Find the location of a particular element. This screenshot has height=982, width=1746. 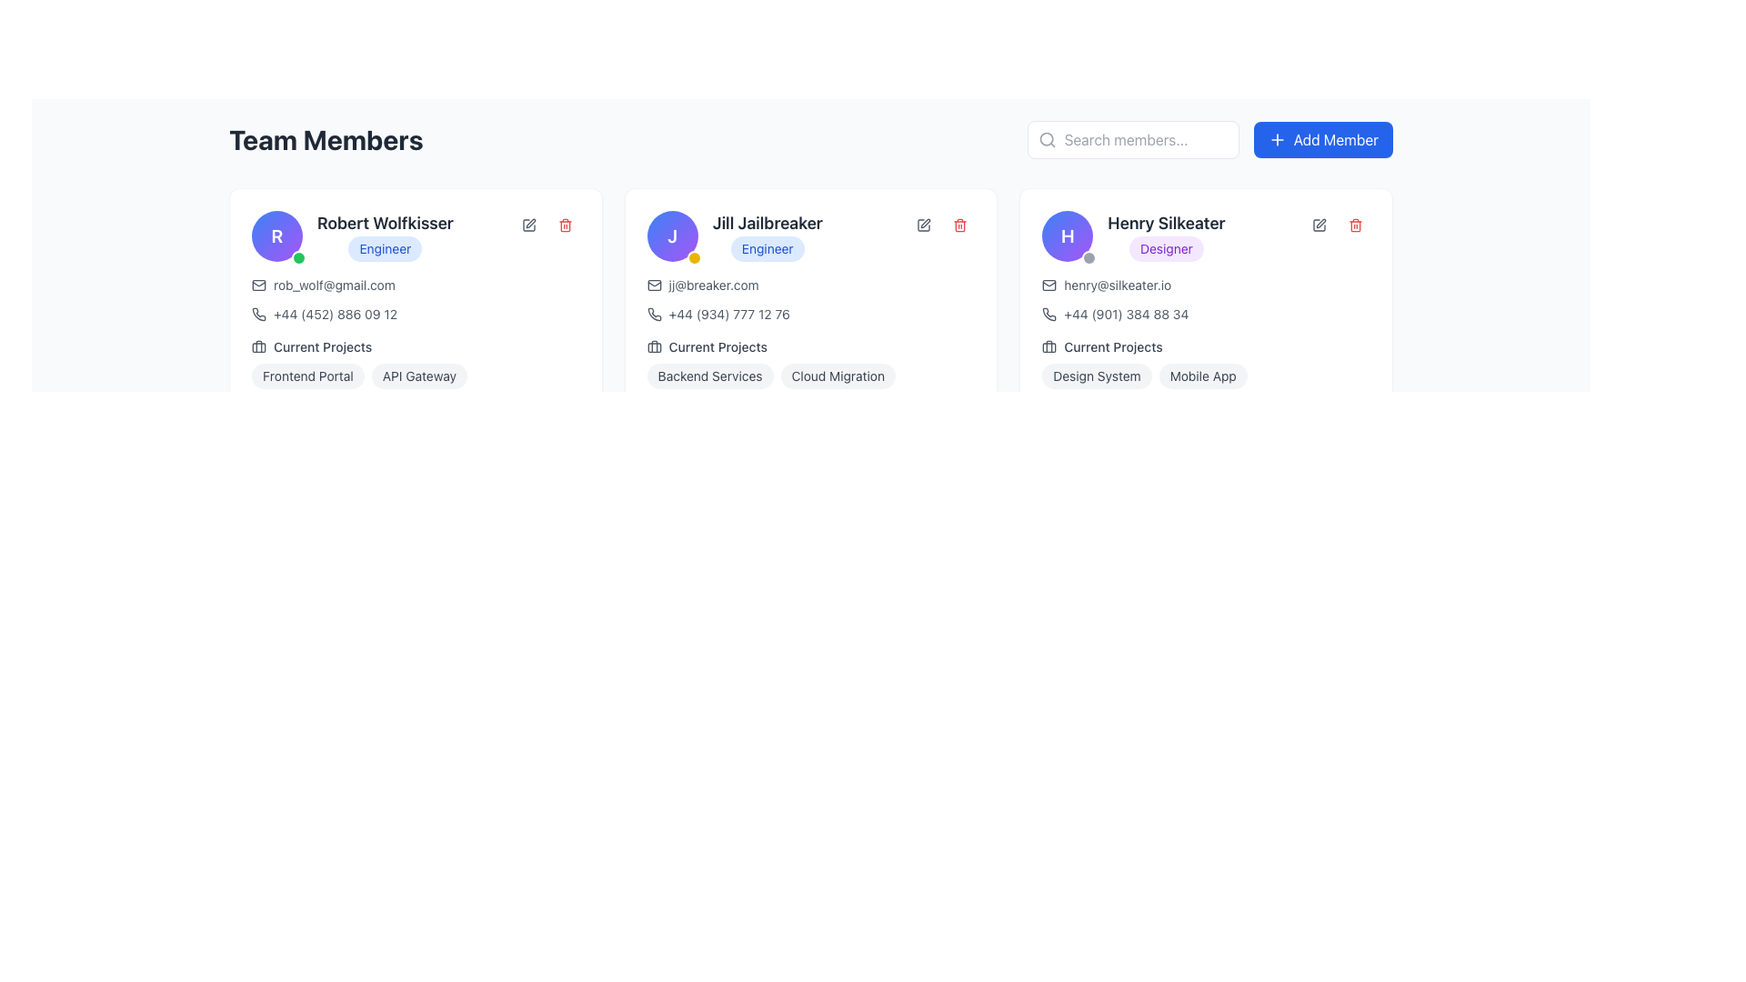

the interactive text link displaying the email address 'jj@breaker.com' to send an email is located at coordinates (713, 285).